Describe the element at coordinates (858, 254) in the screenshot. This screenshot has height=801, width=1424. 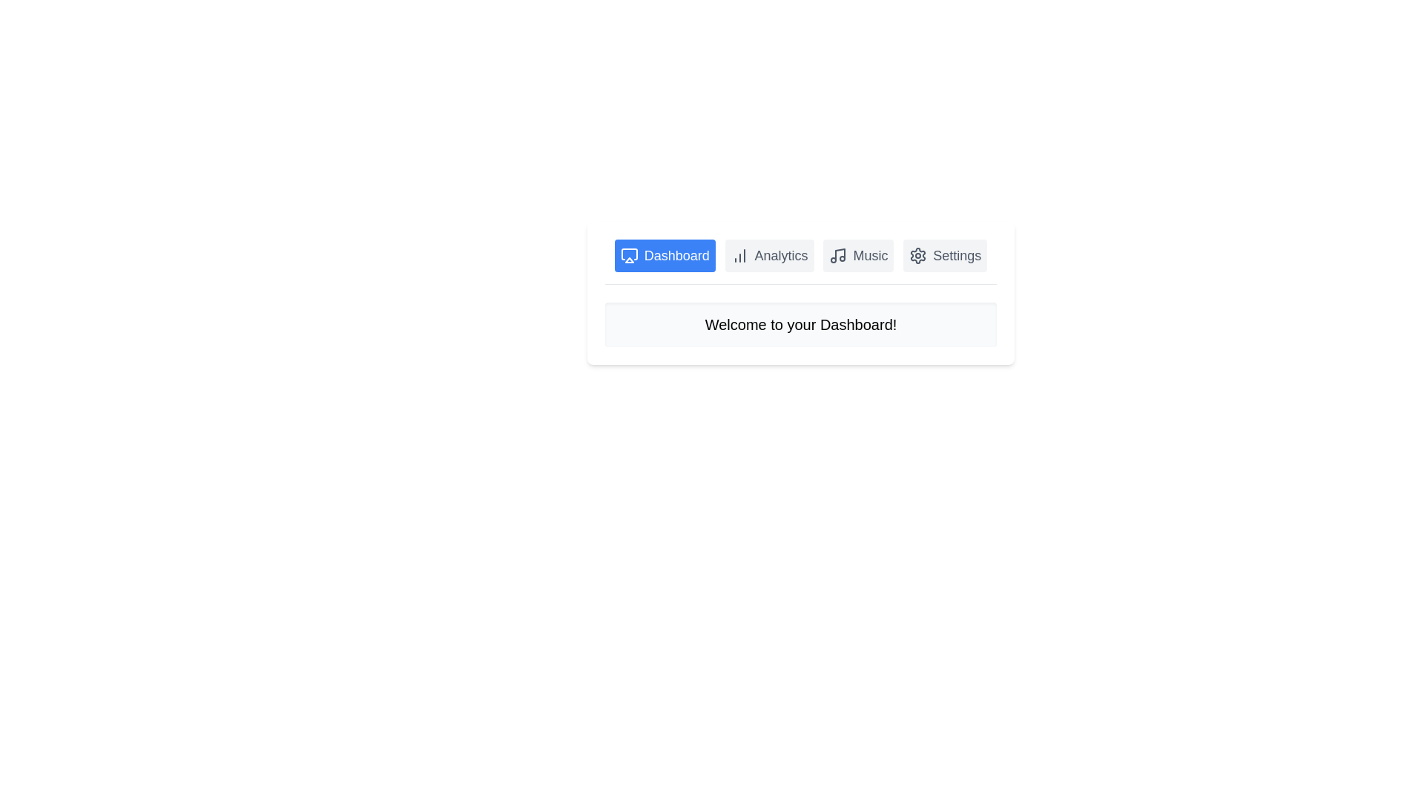
I see `the 'Music' button, which is the third button from the left in the navigation bar, to trigger its visual hover effect` at that location.